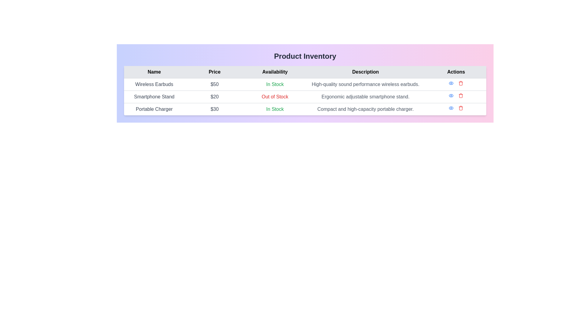  I want to click on the Text label that describes the product 'Wireless Earbuds', located in the fourth column under the 'Description' header of the first row in the table layout, so click(365, 84).